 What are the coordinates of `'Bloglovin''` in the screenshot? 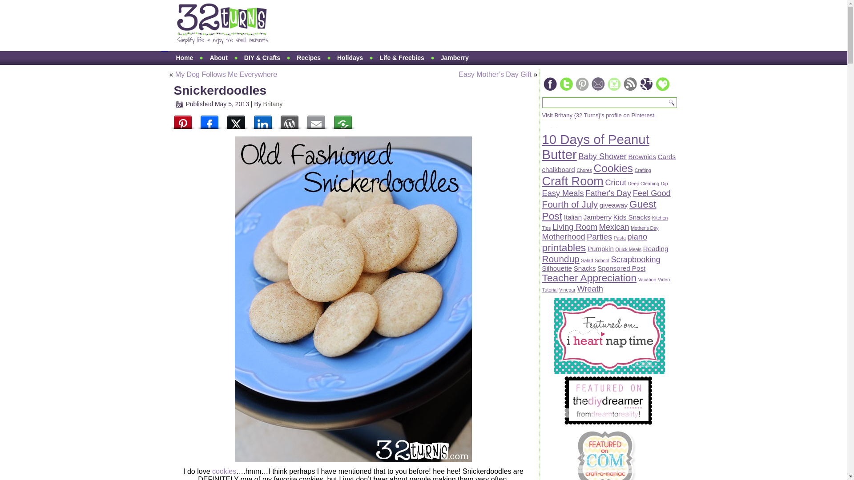 It's located at (662, 84).